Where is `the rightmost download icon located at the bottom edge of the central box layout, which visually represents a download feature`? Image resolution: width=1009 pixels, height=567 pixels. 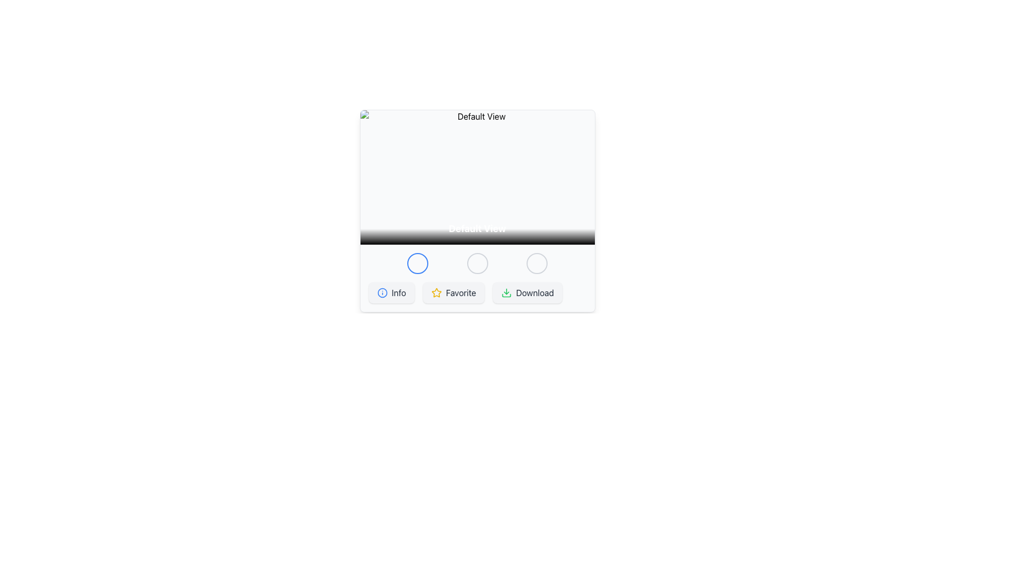 the rightmost download icon located at the bottom edge of the central box layout, which visually represents a download feature is located at coordinates (507, 296).